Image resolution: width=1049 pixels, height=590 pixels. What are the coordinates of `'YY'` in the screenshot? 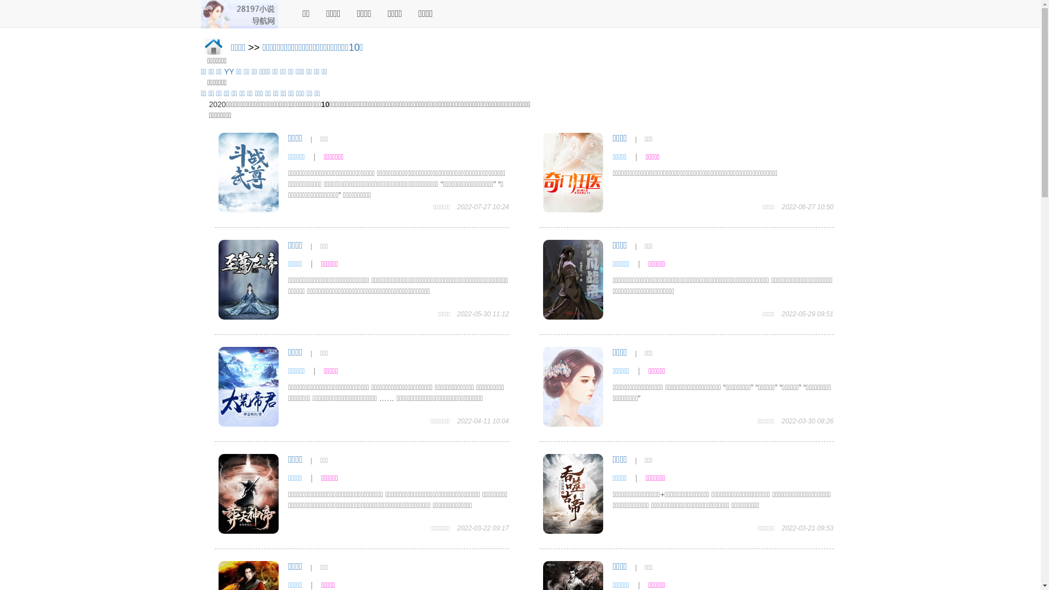 It's located at (228, 72).